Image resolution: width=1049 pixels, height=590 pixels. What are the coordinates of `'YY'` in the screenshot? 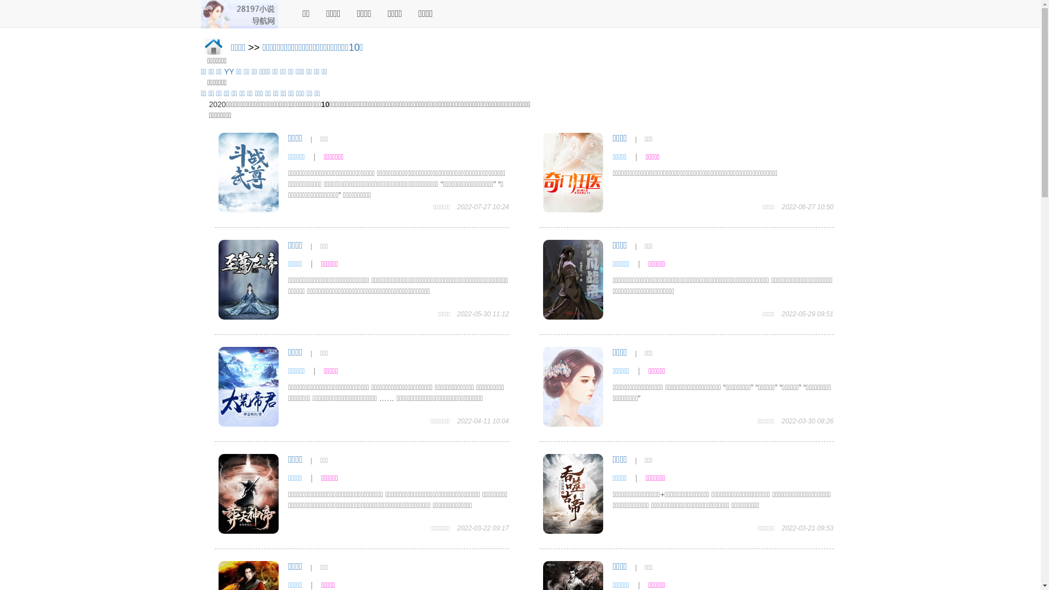 It's located at (228, 72).